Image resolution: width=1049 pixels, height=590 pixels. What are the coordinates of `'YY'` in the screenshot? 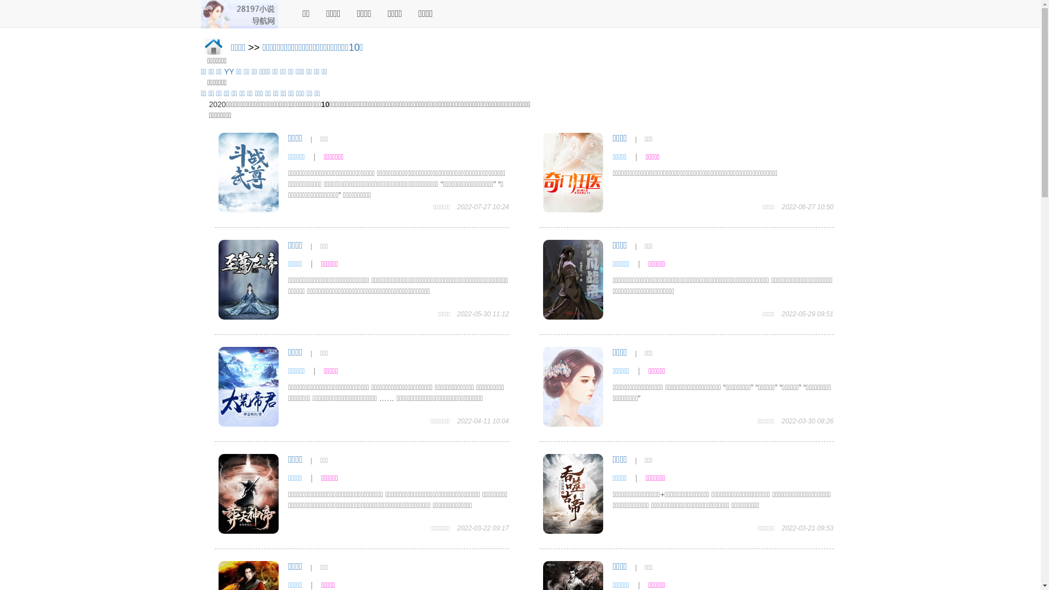 It's located at (228, 72).